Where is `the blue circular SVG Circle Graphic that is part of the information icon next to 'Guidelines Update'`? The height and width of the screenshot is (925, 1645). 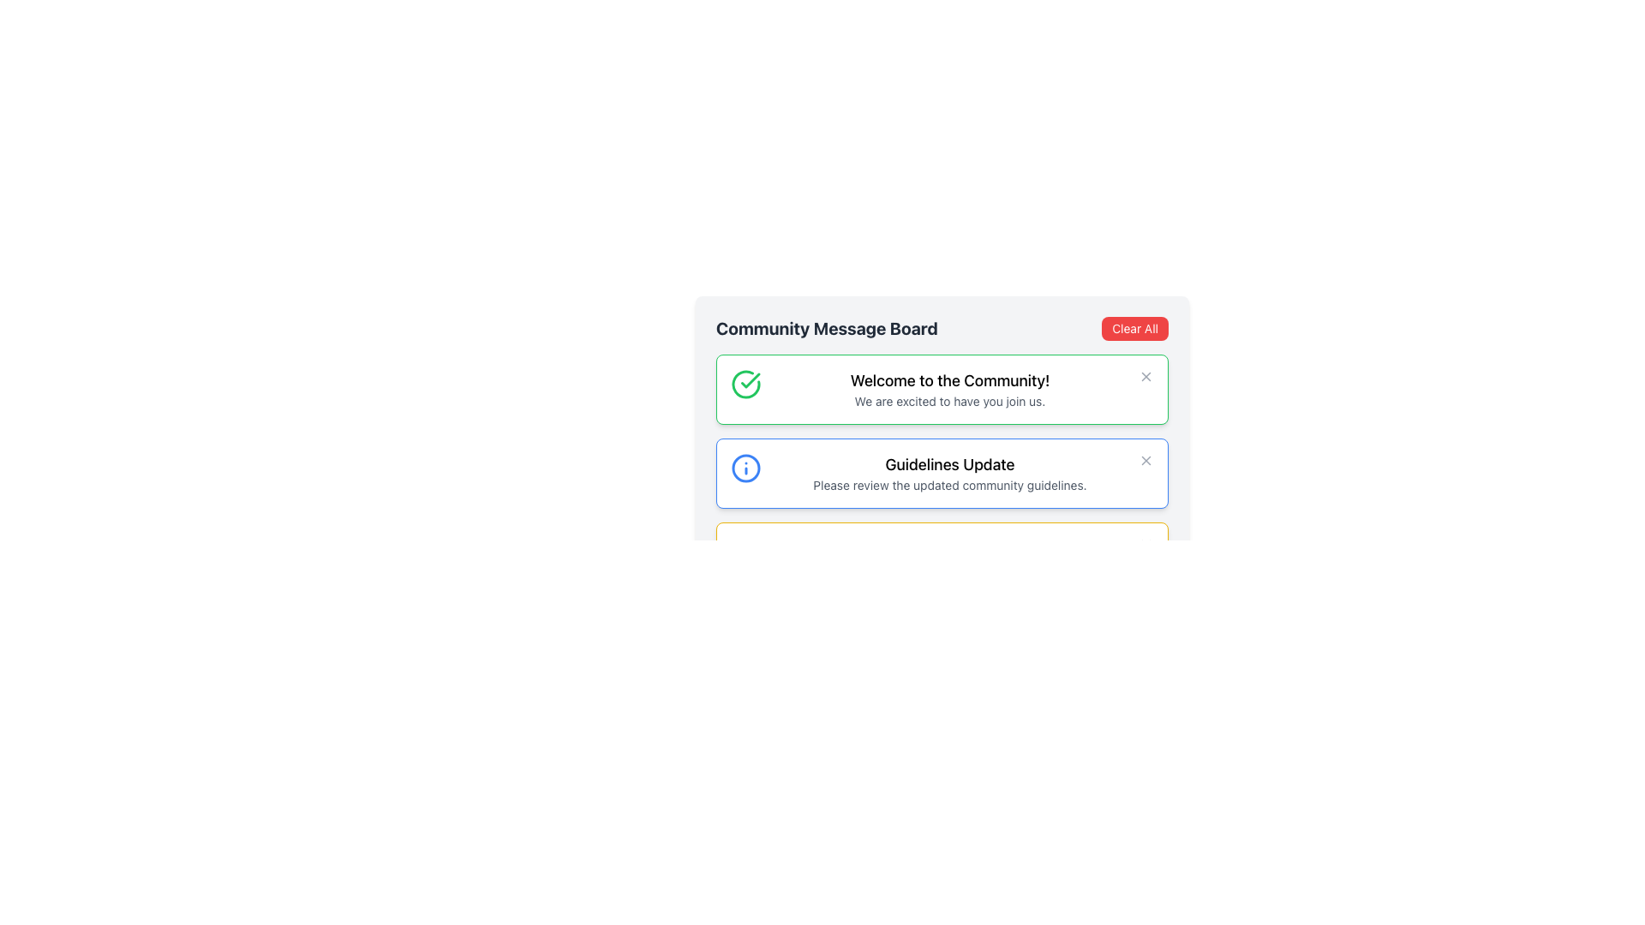
the blue circular SVG Circle Graphic that is part of the information icon next to 'Guidelines Update' is located at coordinates (745, 468).